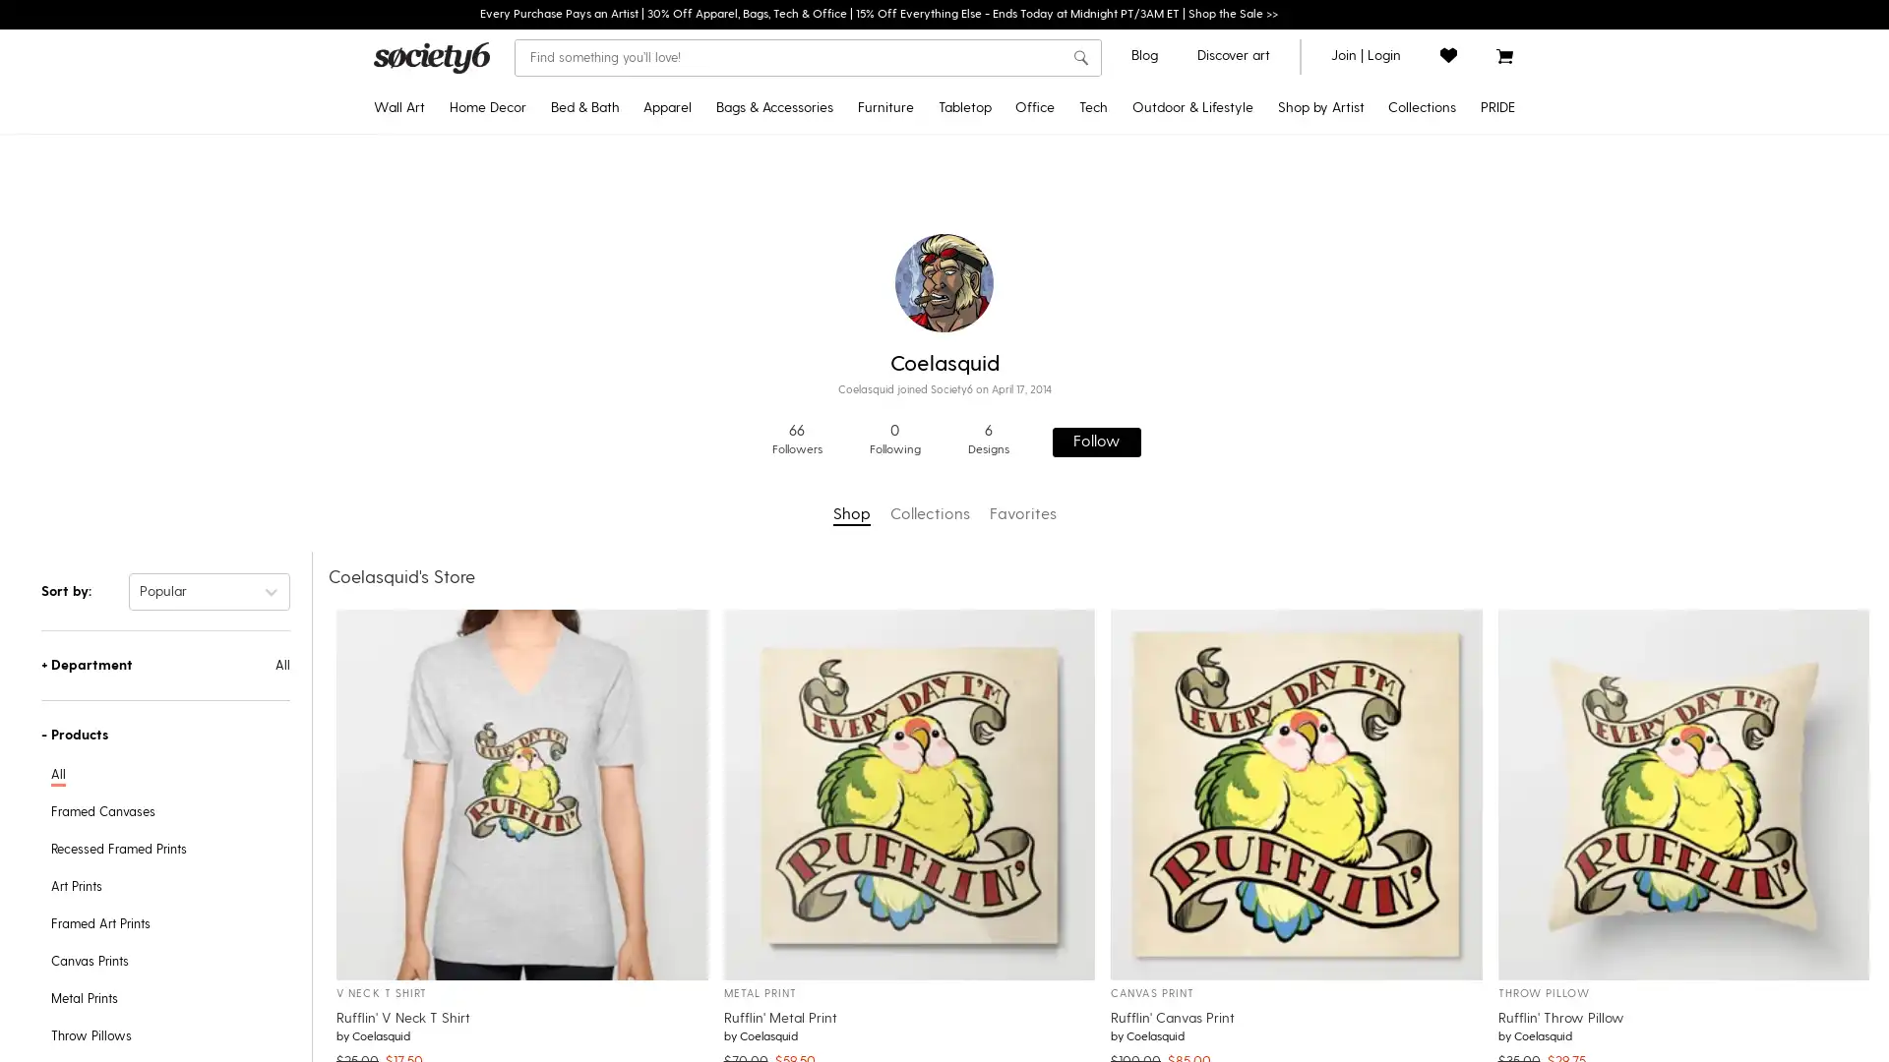 The height and width of the screenshot is (1062, 1889). Describe the element at coordinates (627, 315) in the screenshot. I see `Hand & Bath Towels` at that location.